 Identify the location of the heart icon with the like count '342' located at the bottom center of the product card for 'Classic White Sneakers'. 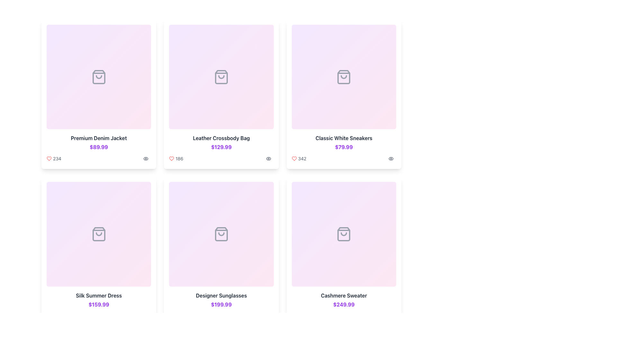
(299, 159).